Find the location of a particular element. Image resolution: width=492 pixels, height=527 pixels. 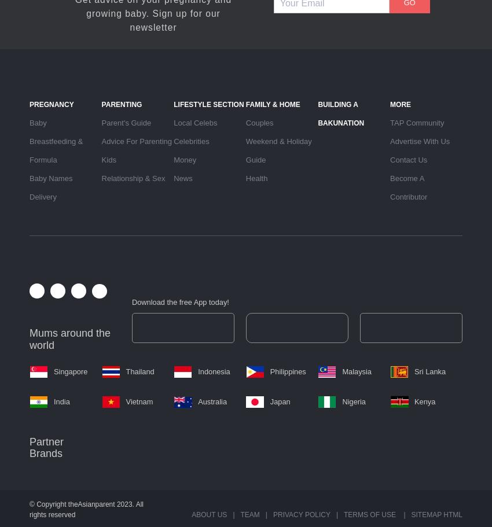

'Download the free App today!' is located at coordinates (180, 301).